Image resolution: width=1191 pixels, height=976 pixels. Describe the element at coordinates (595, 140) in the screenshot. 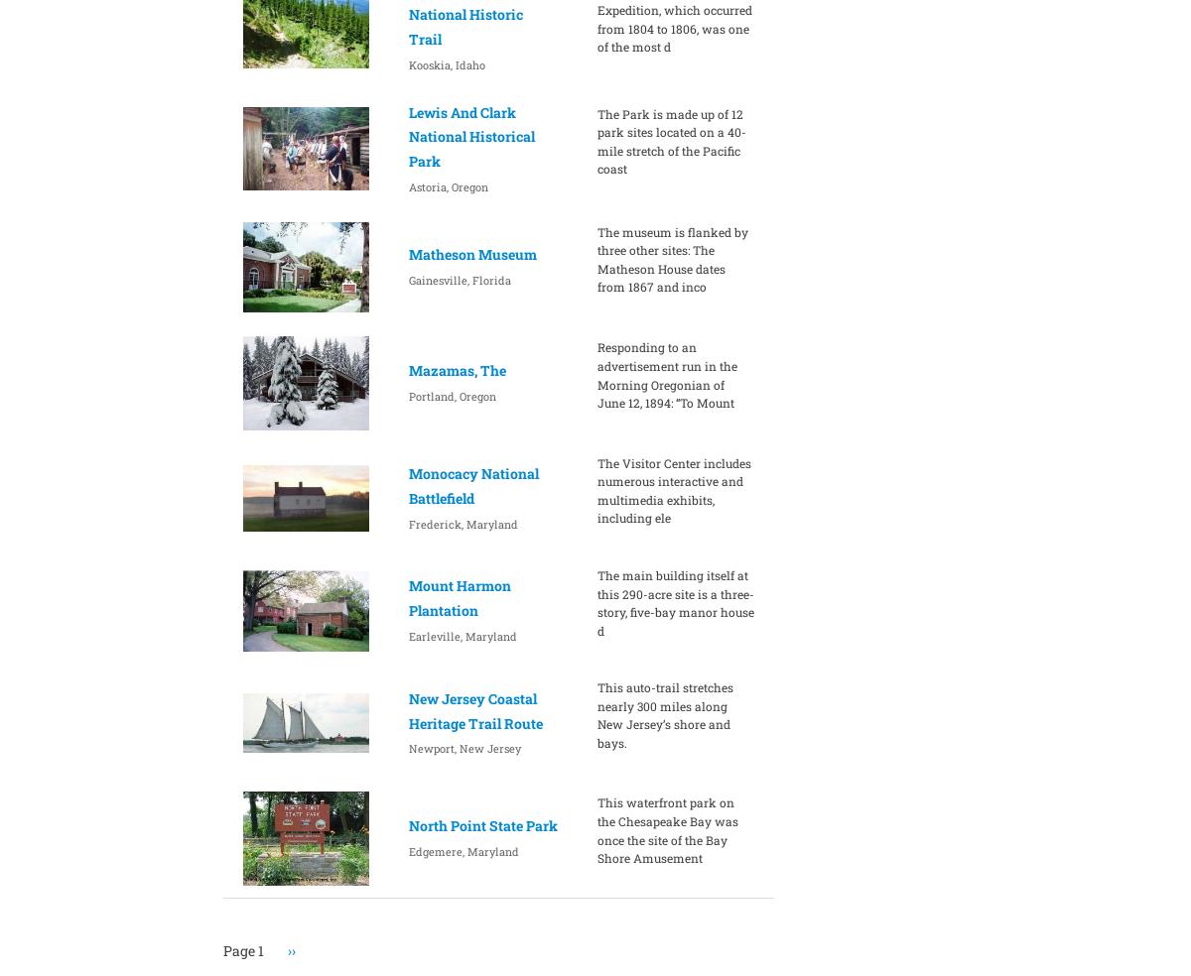

I see `'The Park is made up of 12 park sites located on a 40-mile stretch of the Pacific coast'` at that location.